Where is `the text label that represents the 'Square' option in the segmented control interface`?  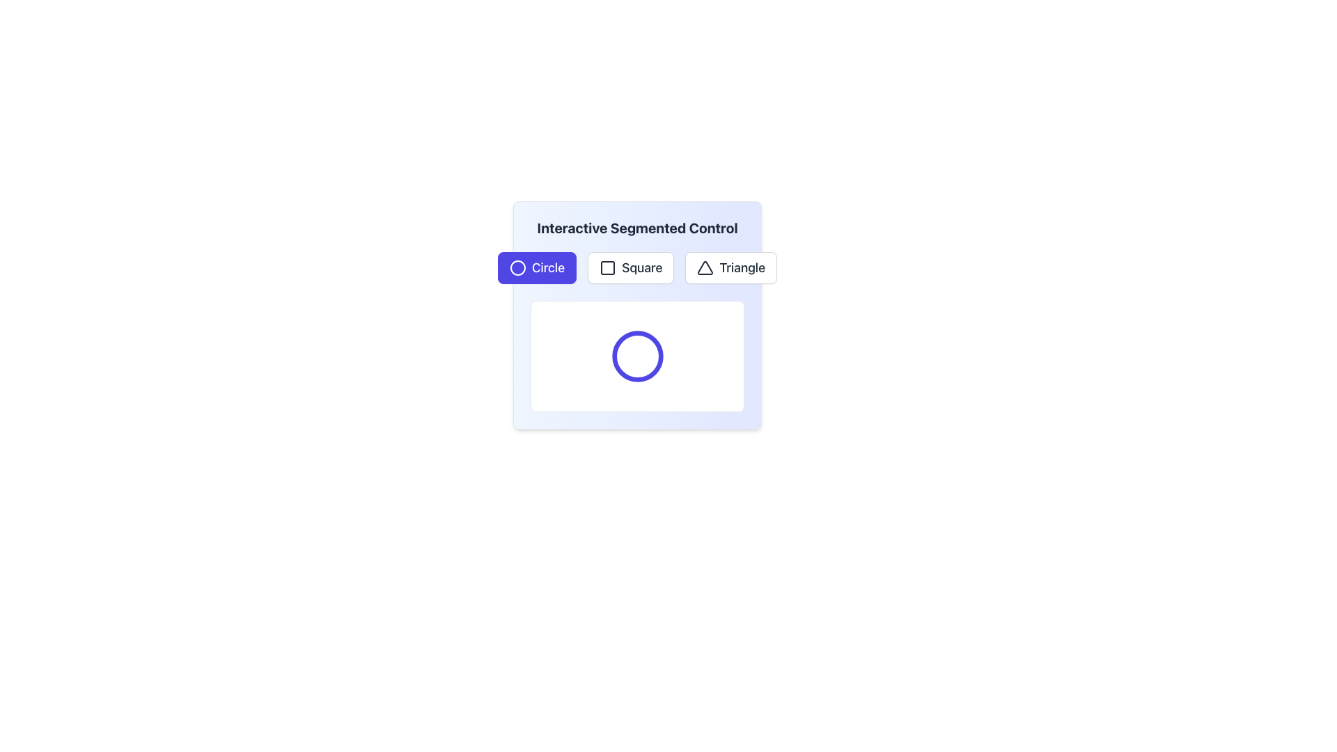
the text label that represents the 'Square' option in the segmented control interface is located at coordinates (641, 268).